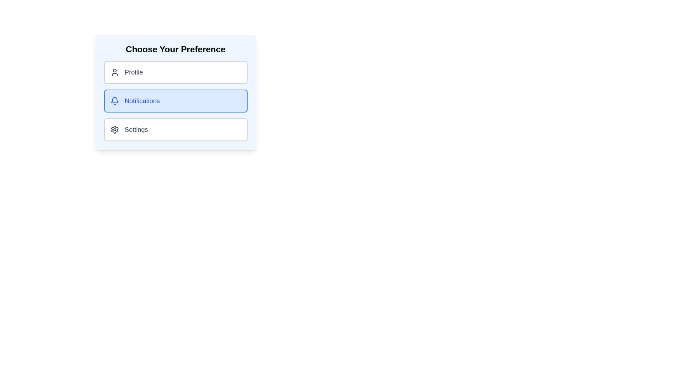  I want to click on the 'Settings' text label that describes the 'Settings' option in the user preference menu, which is positioned inside the third card in a vertical list and aligned to the right of the gear icon, so click(136, 130).